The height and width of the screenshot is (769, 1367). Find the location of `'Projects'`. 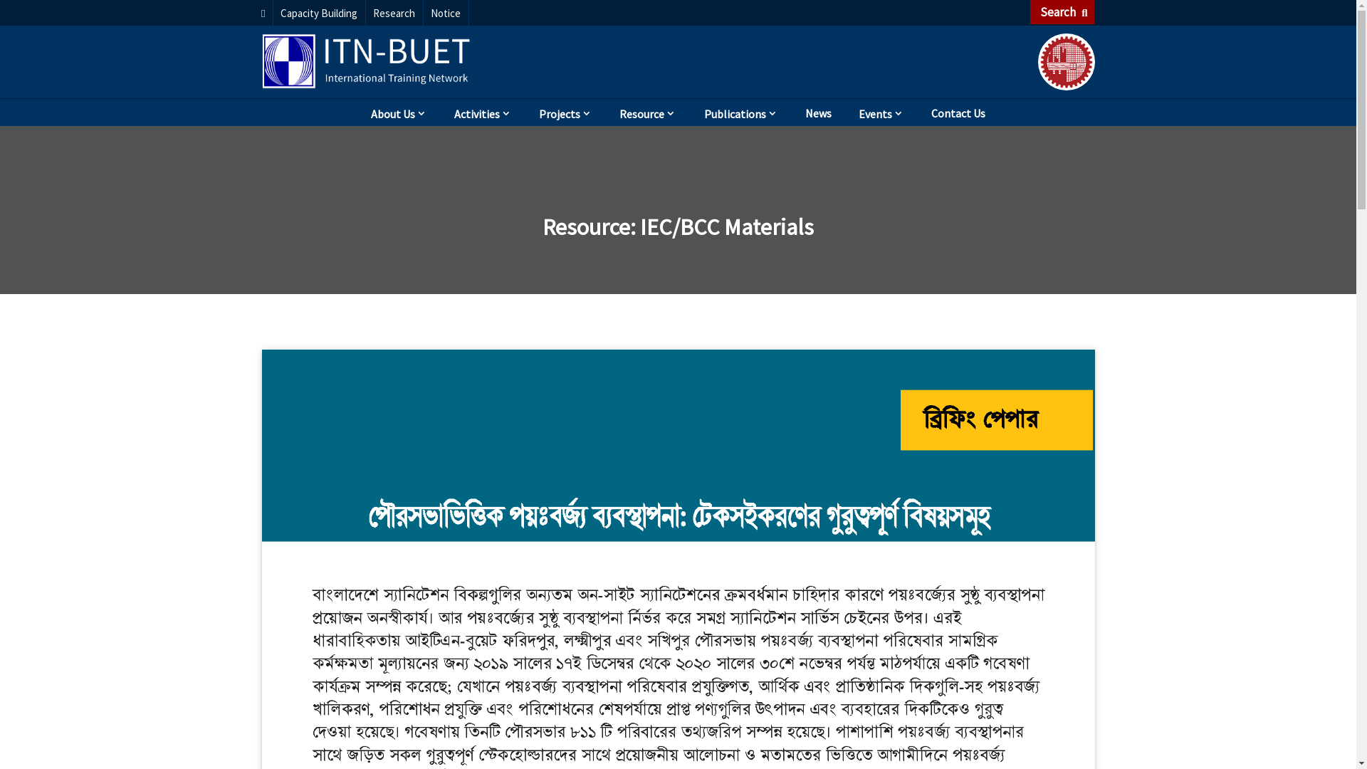

'Projects' is located at coordinates (565, 111).